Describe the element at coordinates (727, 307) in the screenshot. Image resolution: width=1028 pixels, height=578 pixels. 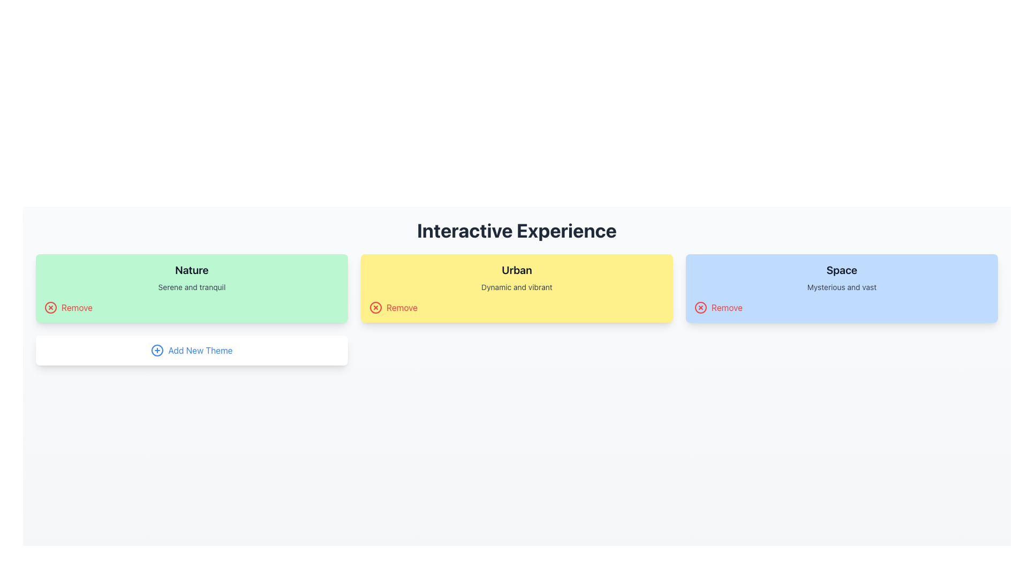
I see `the static text label 'Remove' which is rendered in red text and located to the right of a circular red icon with a white cross in the 'Space' card` at that location.